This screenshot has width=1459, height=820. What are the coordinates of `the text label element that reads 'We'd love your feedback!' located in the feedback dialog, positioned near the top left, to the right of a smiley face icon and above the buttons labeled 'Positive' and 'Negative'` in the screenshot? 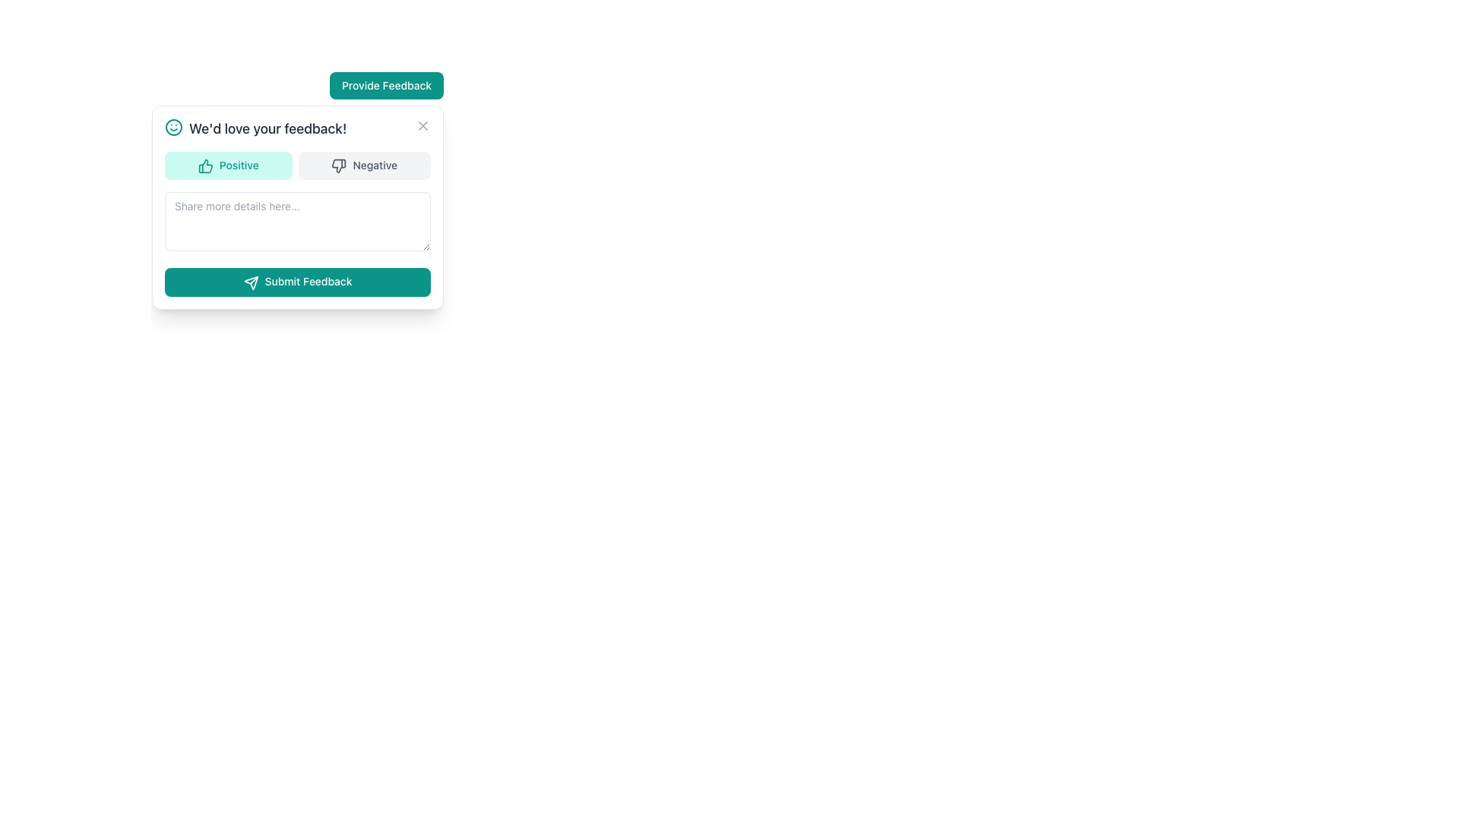 It's located at (267, 128).